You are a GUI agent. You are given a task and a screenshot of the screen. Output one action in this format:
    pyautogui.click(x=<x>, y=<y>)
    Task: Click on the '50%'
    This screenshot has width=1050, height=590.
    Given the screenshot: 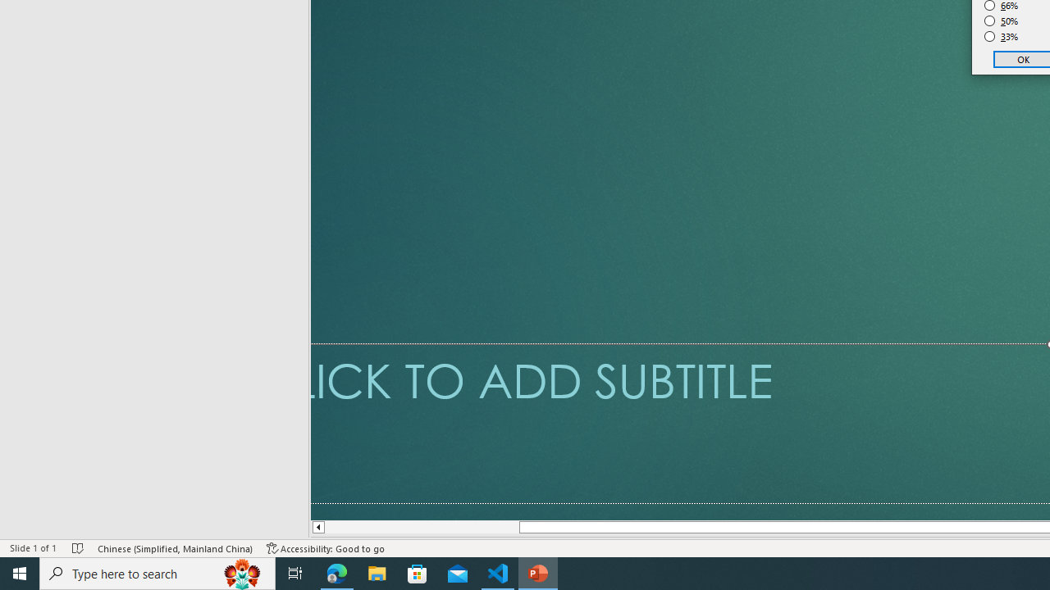 What is the action you would take?
    pyautogui.click(x=1001, y=20)
    